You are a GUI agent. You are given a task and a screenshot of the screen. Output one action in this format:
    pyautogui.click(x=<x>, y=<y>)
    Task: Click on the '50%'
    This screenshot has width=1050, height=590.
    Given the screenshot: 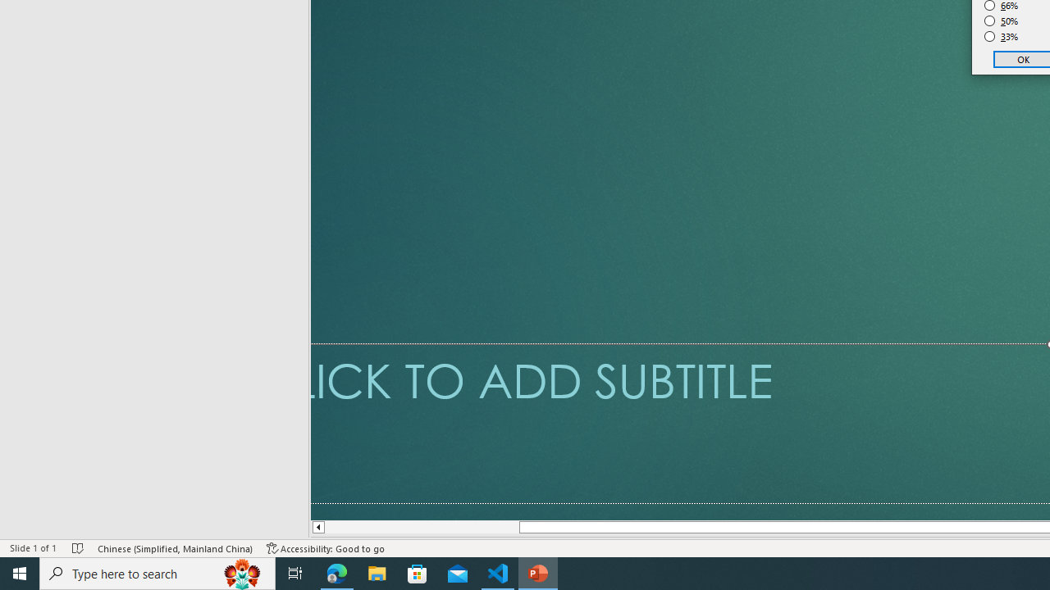 What is the action you would take?
    pyautogui.click(x=1001, y=20)
    